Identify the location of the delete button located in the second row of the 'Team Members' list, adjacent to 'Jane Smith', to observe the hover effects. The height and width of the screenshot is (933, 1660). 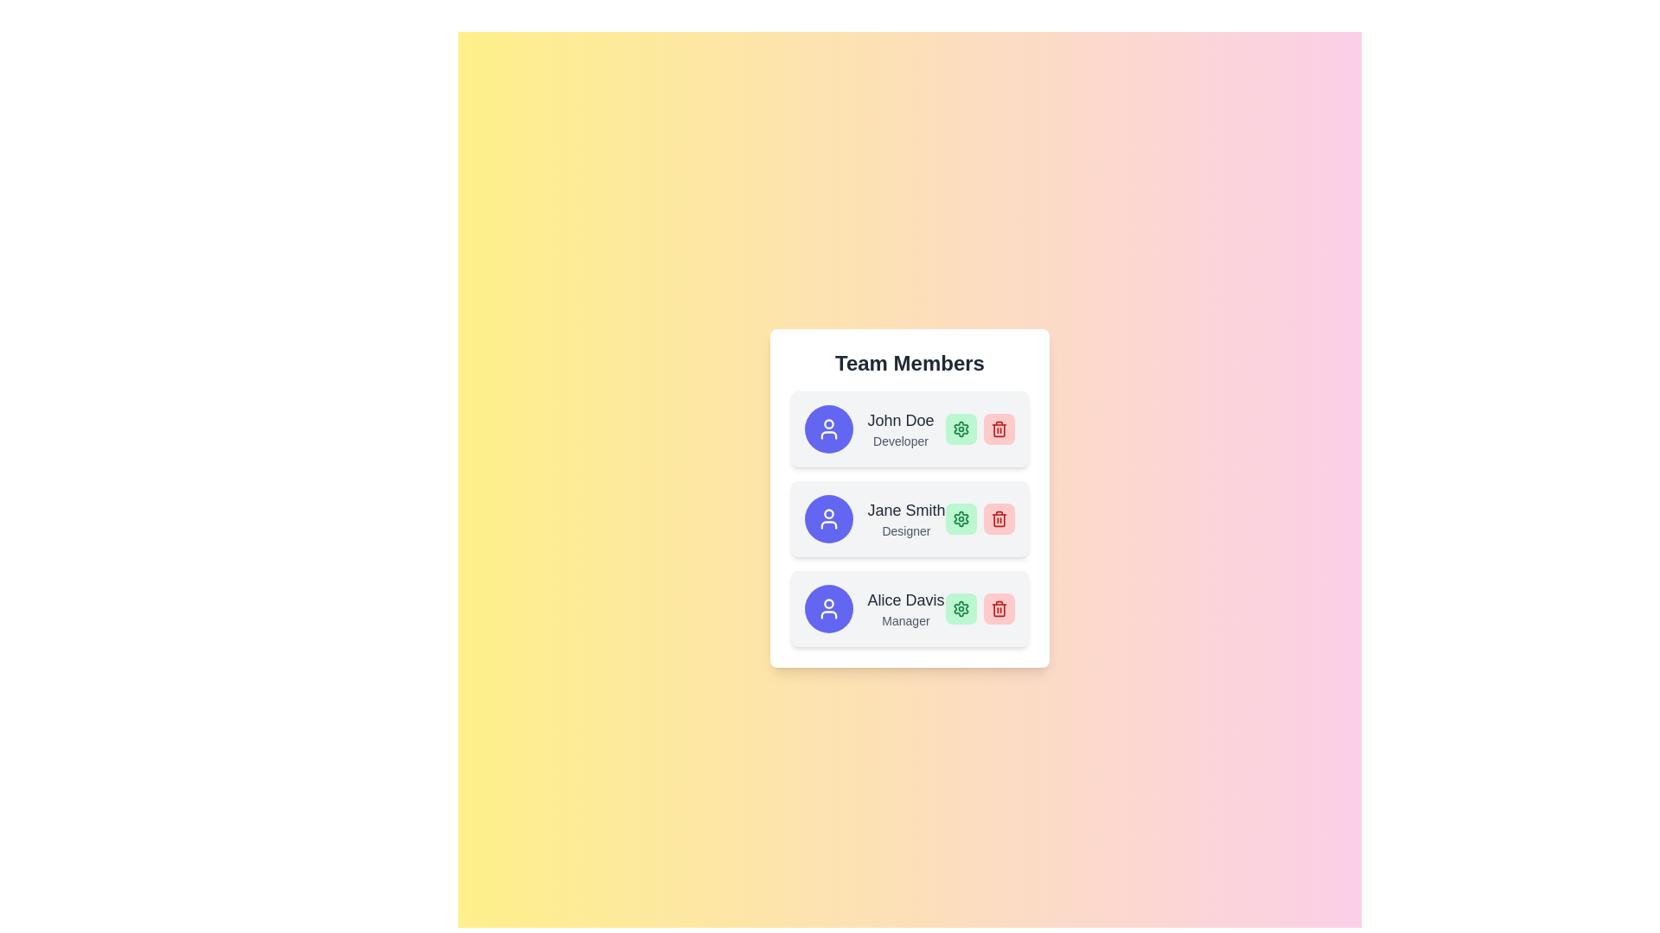
(999, 518).